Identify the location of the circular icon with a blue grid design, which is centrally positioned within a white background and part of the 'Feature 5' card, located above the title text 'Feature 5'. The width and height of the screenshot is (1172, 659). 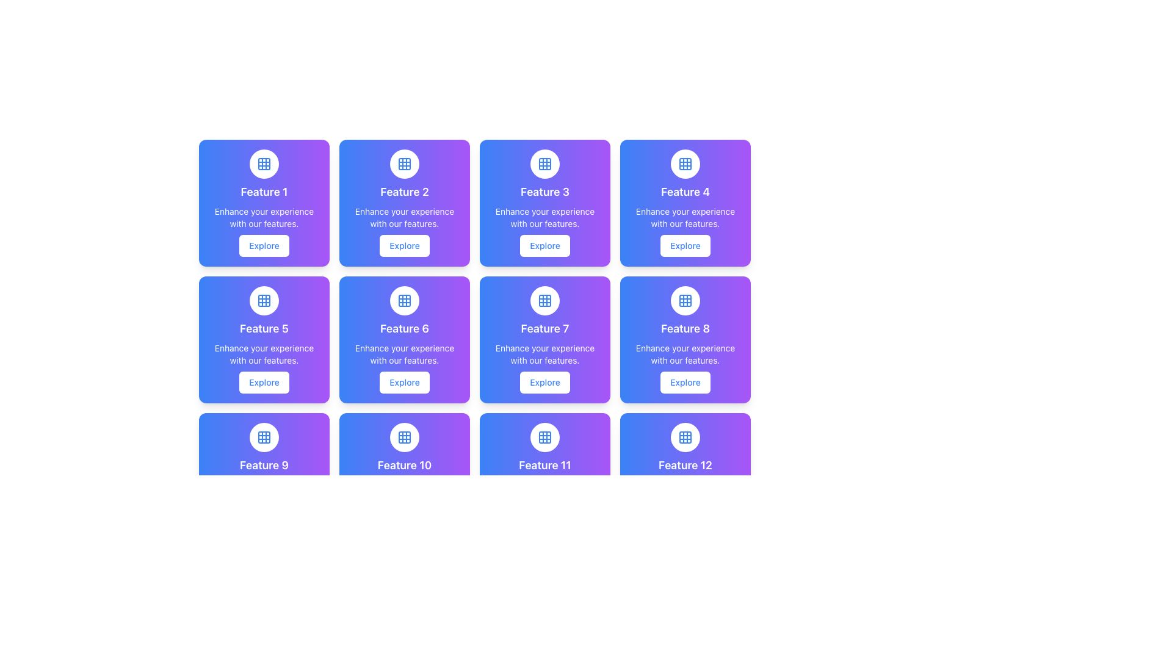
(263, 301).